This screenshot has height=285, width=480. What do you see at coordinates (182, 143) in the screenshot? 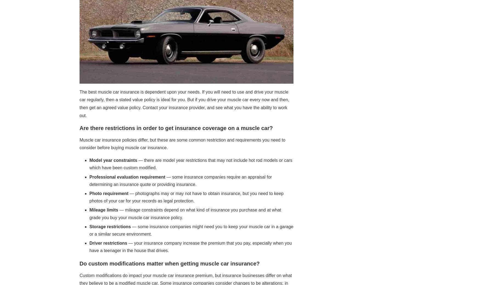
I see `'Muscle car insurance policies differ, but these are some common restriction and requirements you need to consider before buying muscle car insurance.'` at bounding box center [182, 143].